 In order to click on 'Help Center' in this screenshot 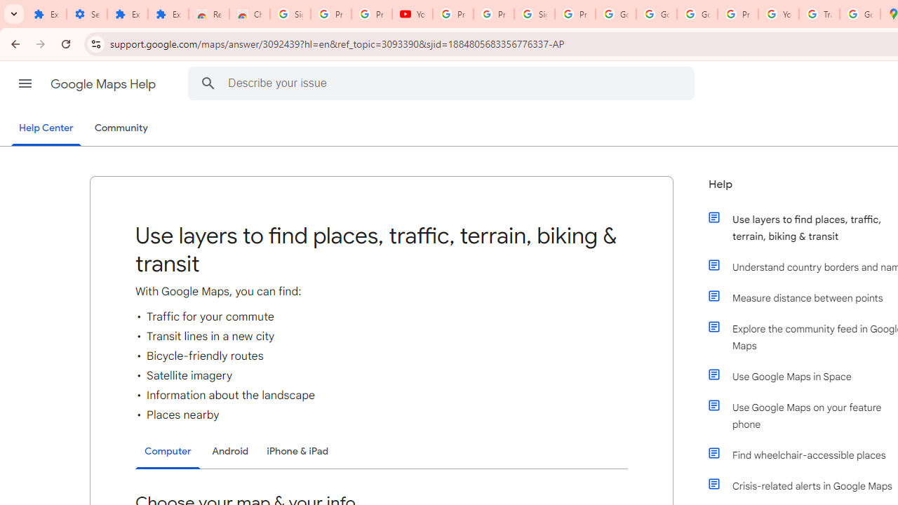, I will do `click(46, 128)`.